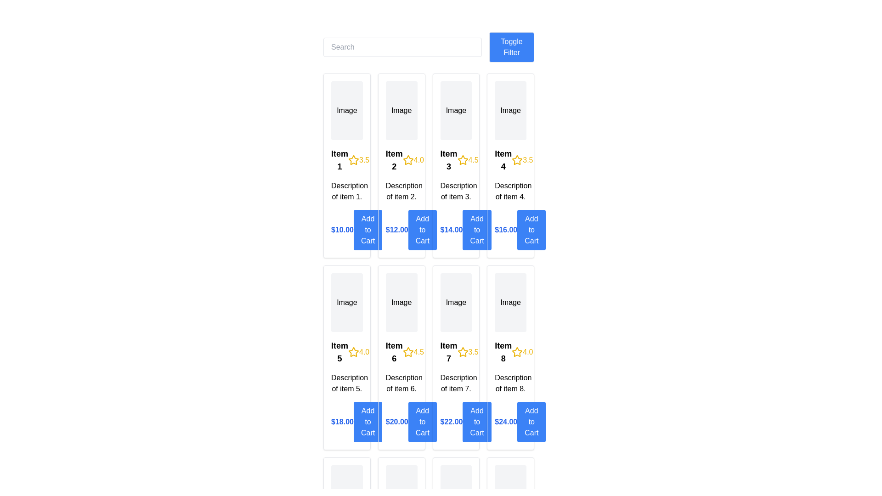 This screenshot has height=496, width=882. Describe the element at coordinates (456, 383) in the screenshot. I see `the static text element that provides a description for 'Item 7', located below the 'Item 7' title in the grid layout` at that location.